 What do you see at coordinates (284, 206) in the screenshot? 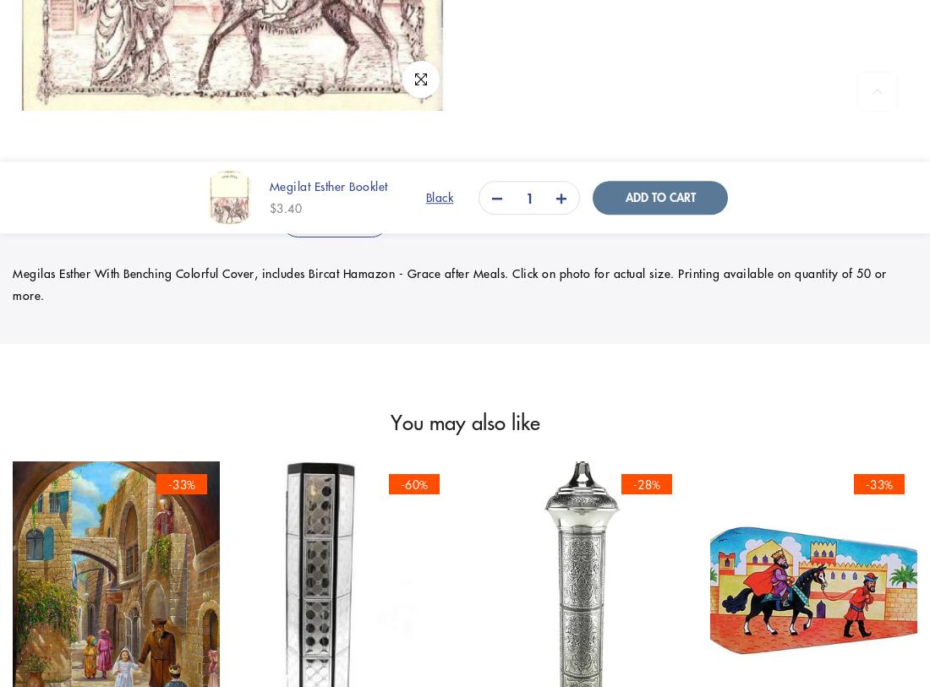
I see `'$3.40'` at bounding box center [284, 206].